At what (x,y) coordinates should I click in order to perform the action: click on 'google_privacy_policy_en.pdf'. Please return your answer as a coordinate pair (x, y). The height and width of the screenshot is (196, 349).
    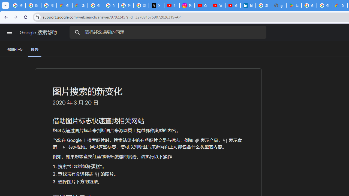
    Looking at the image, I should click on (279, 5).